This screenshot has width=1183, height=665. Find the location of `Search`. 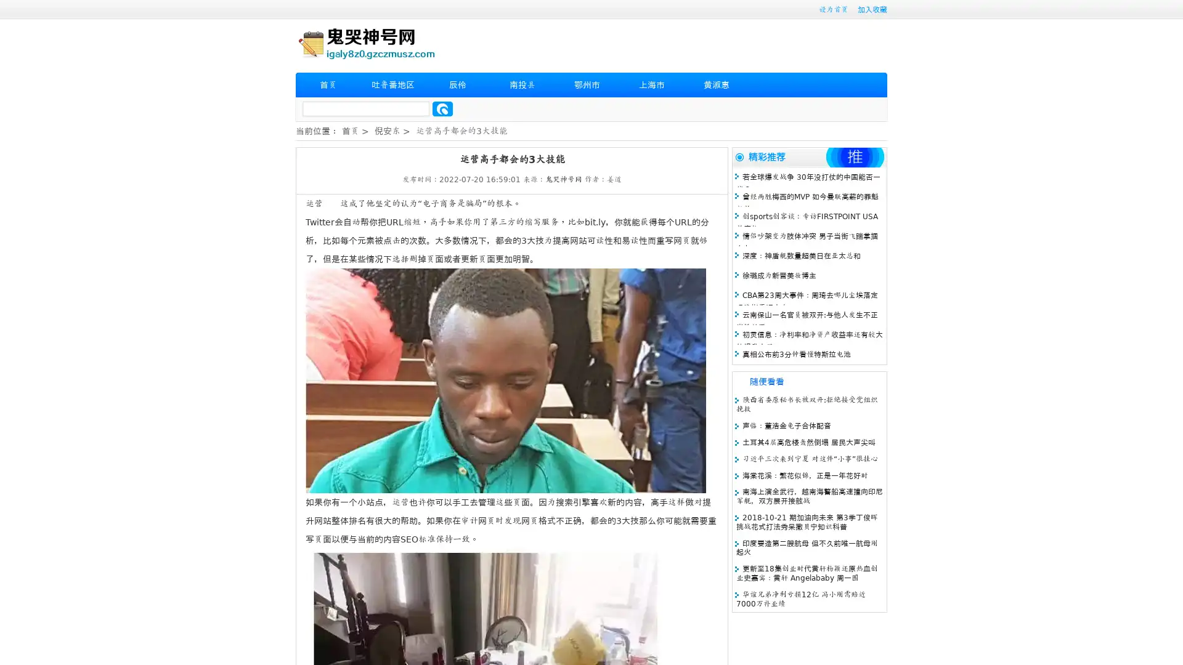

Search is located at coordinates (442, 108).